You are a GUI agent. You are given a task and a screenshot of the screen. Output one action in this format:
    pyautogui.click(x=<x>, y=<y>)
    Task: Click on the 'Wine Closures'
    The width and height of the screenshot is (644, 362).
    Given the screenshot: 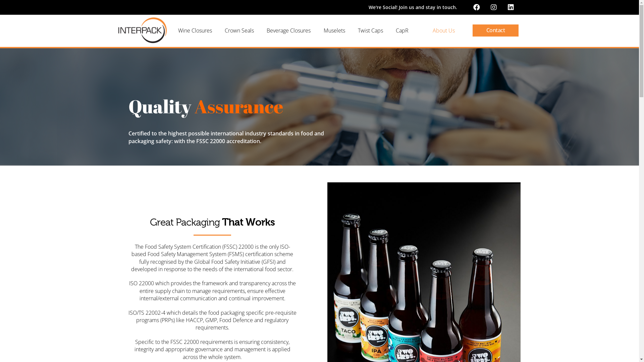 What is the action you would take?
    pyautogui.click(x=194, y=31)
    